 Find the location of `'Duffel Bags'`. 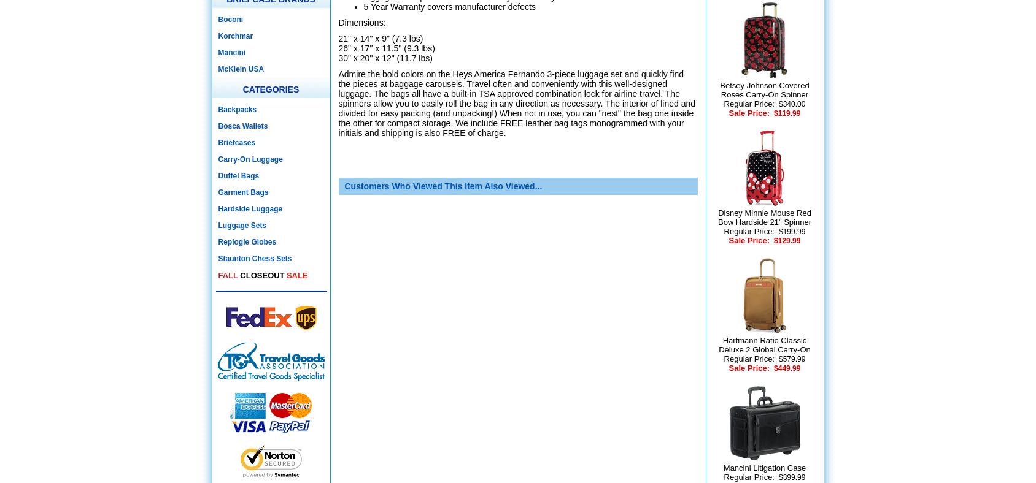

'Duffel Bags' is located at coordinates (238, 175).